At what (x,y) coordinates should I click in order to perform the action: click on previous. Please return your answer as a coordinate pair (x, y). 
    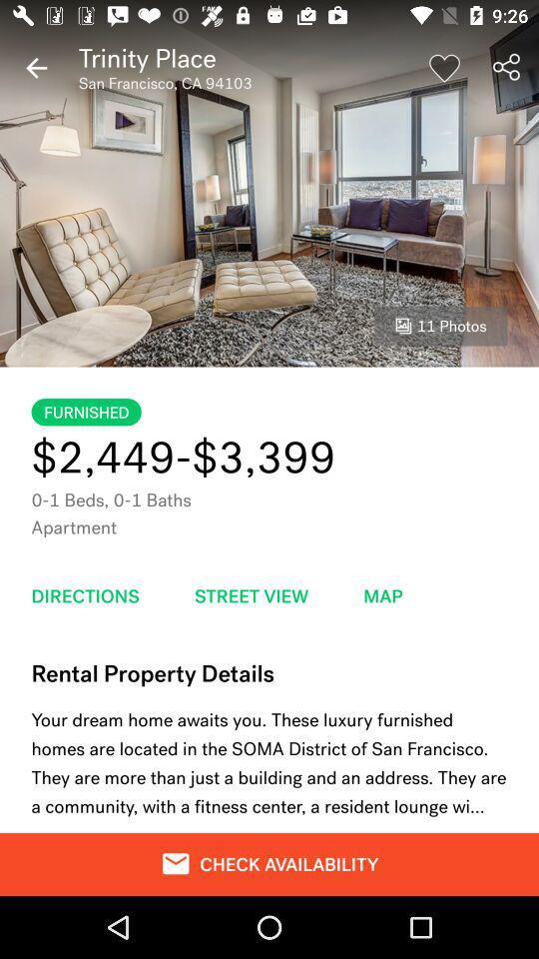
    Looking at the image, I should click on (36, 68).